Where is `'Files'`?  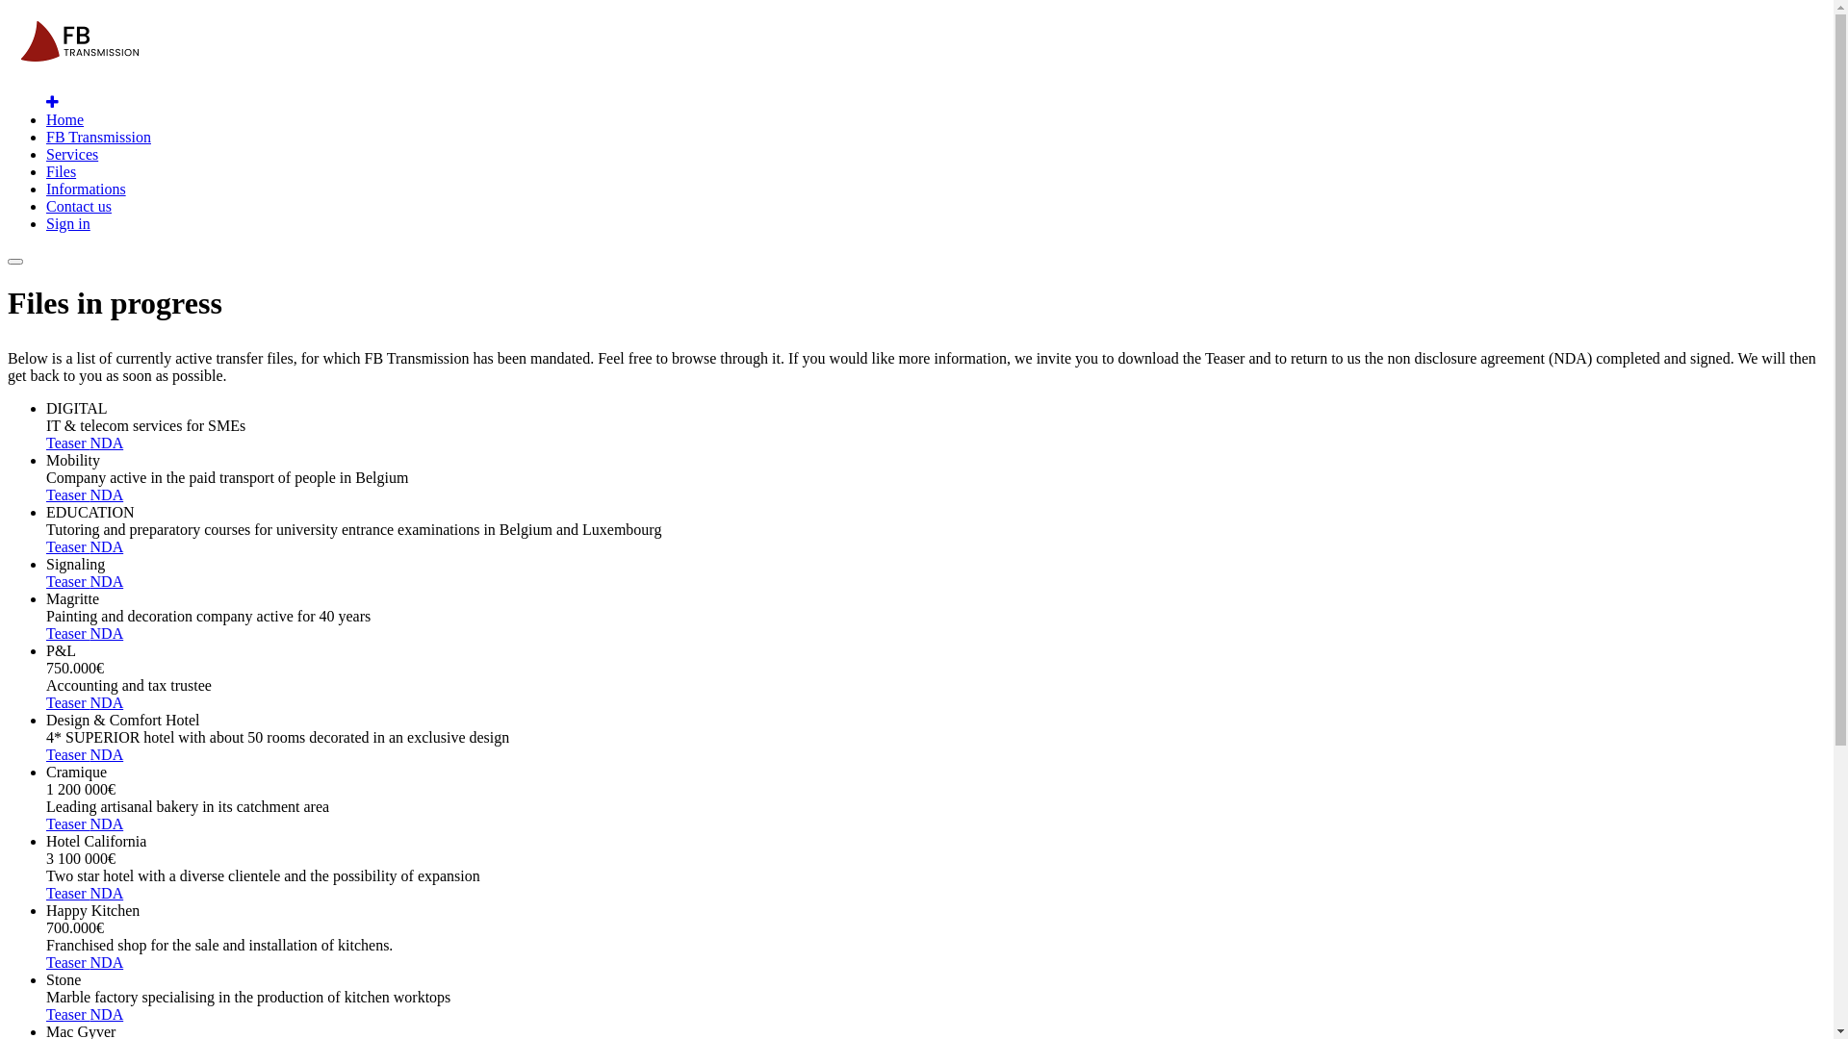 'Files' is located at coordinates (61, 170).